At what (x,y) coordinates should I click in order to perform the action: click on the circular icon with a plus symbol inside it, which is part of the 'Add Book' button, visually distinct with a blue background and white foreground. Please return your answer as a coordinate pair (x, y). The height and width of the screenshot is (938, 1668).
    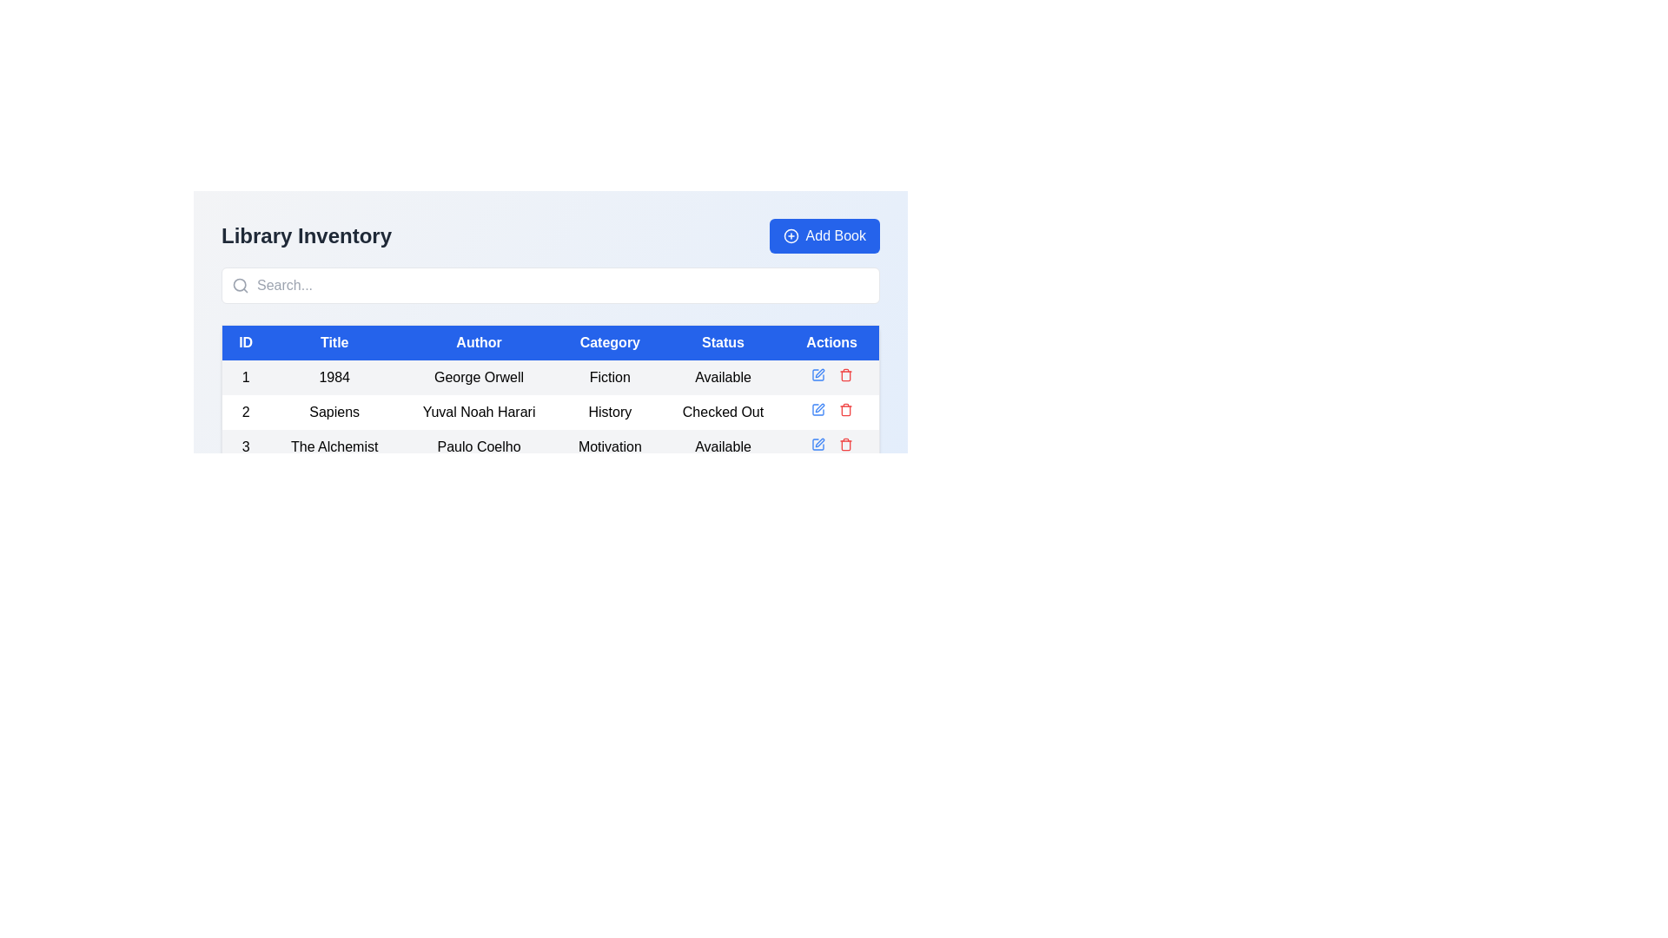
    Looking at the image, I should click on (790, 236).